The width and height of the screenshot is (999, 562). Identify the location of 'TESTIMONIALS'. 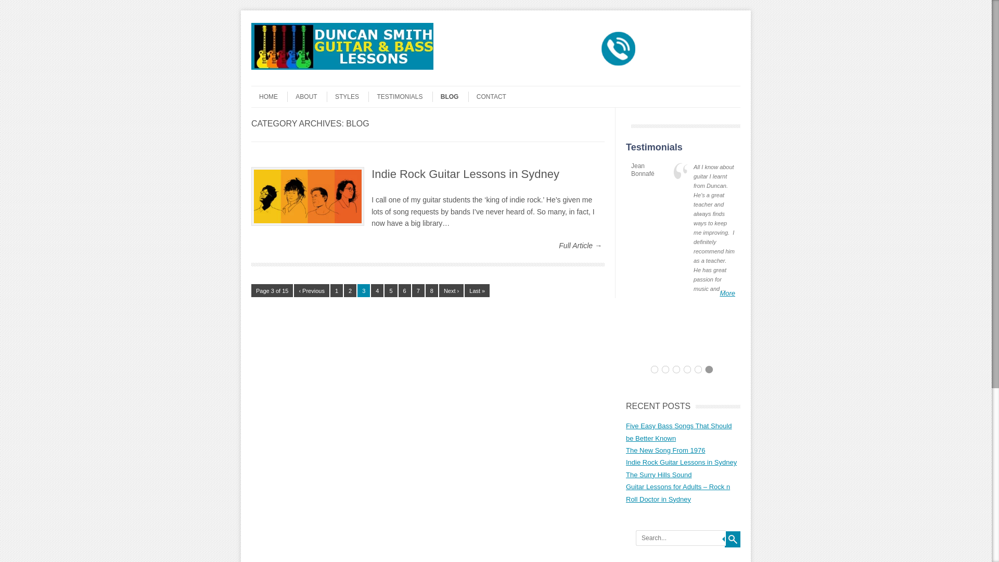
(368, 96).